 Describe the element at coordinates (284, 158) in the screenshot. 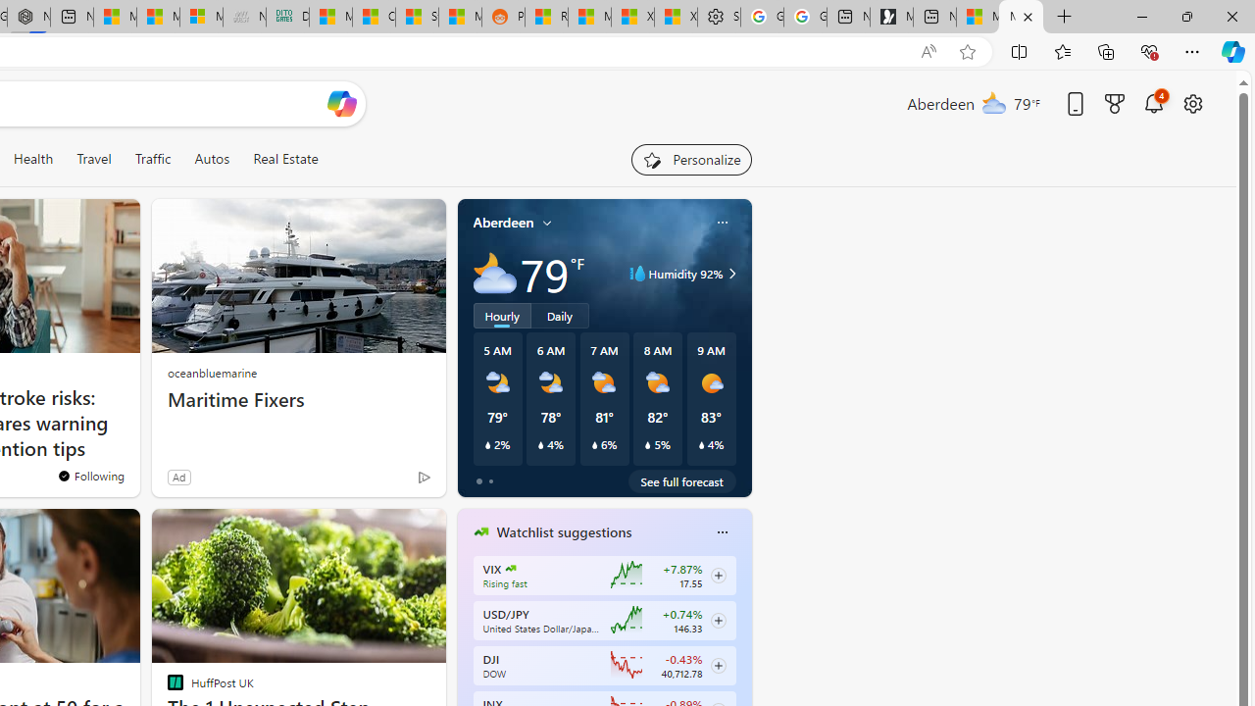

I see `'Real Estate'` at that location.